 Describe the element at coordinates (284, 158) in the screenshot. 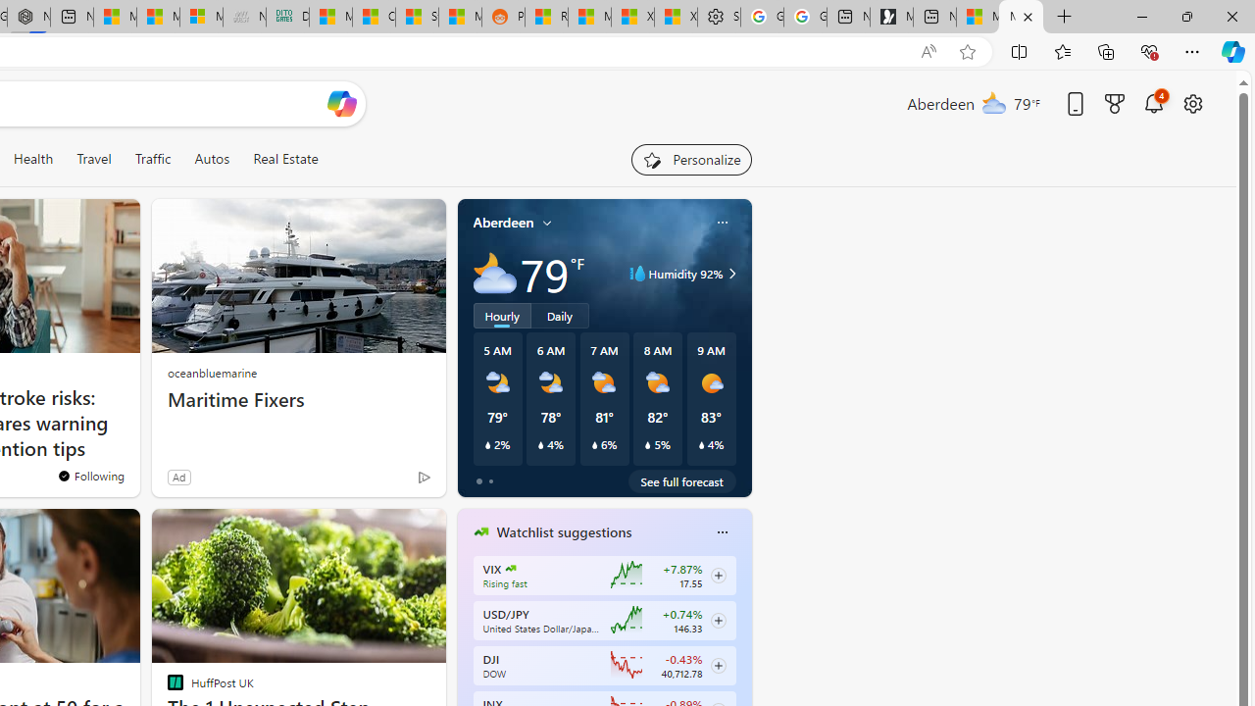

I see `'Real Estate'` at that location.